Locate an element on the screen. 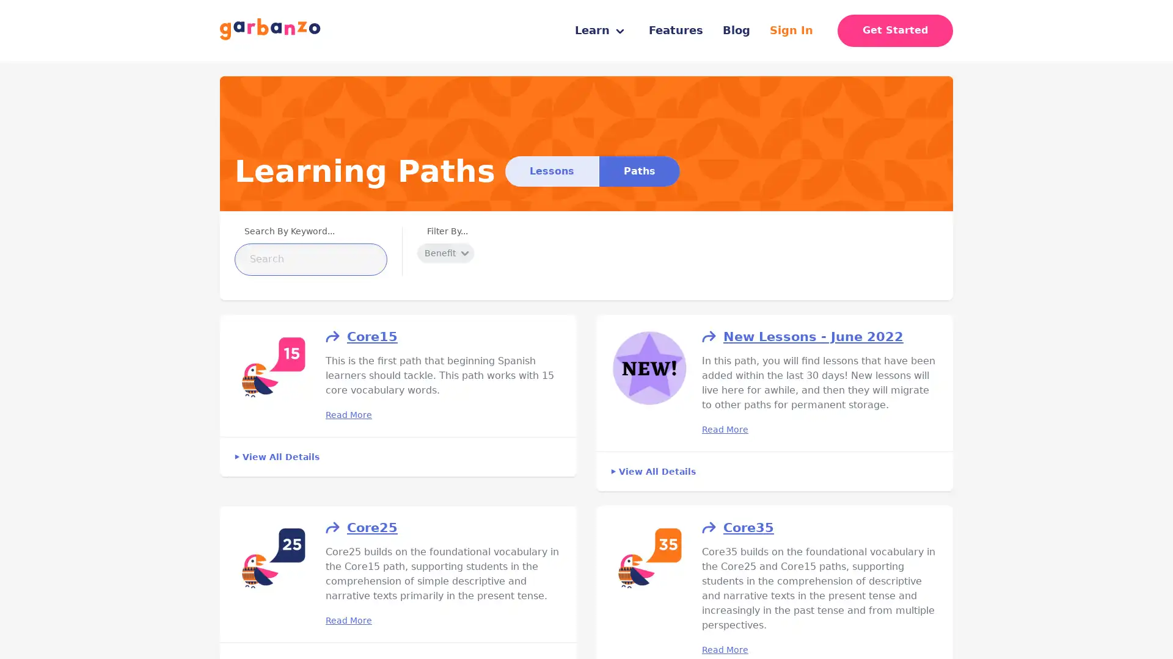 This screenshot has height=659, width=1173. View All Details is located at coordinates (276, 456).